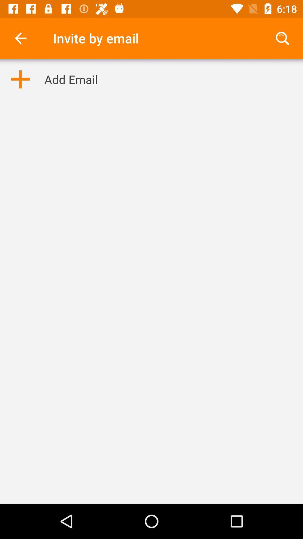 The width and height of the screenshot is (303, 539). What do you see at coordinates (282, 38) in the screenshot?
I see `the item at the top right corner` at bounding box center [282, 38].